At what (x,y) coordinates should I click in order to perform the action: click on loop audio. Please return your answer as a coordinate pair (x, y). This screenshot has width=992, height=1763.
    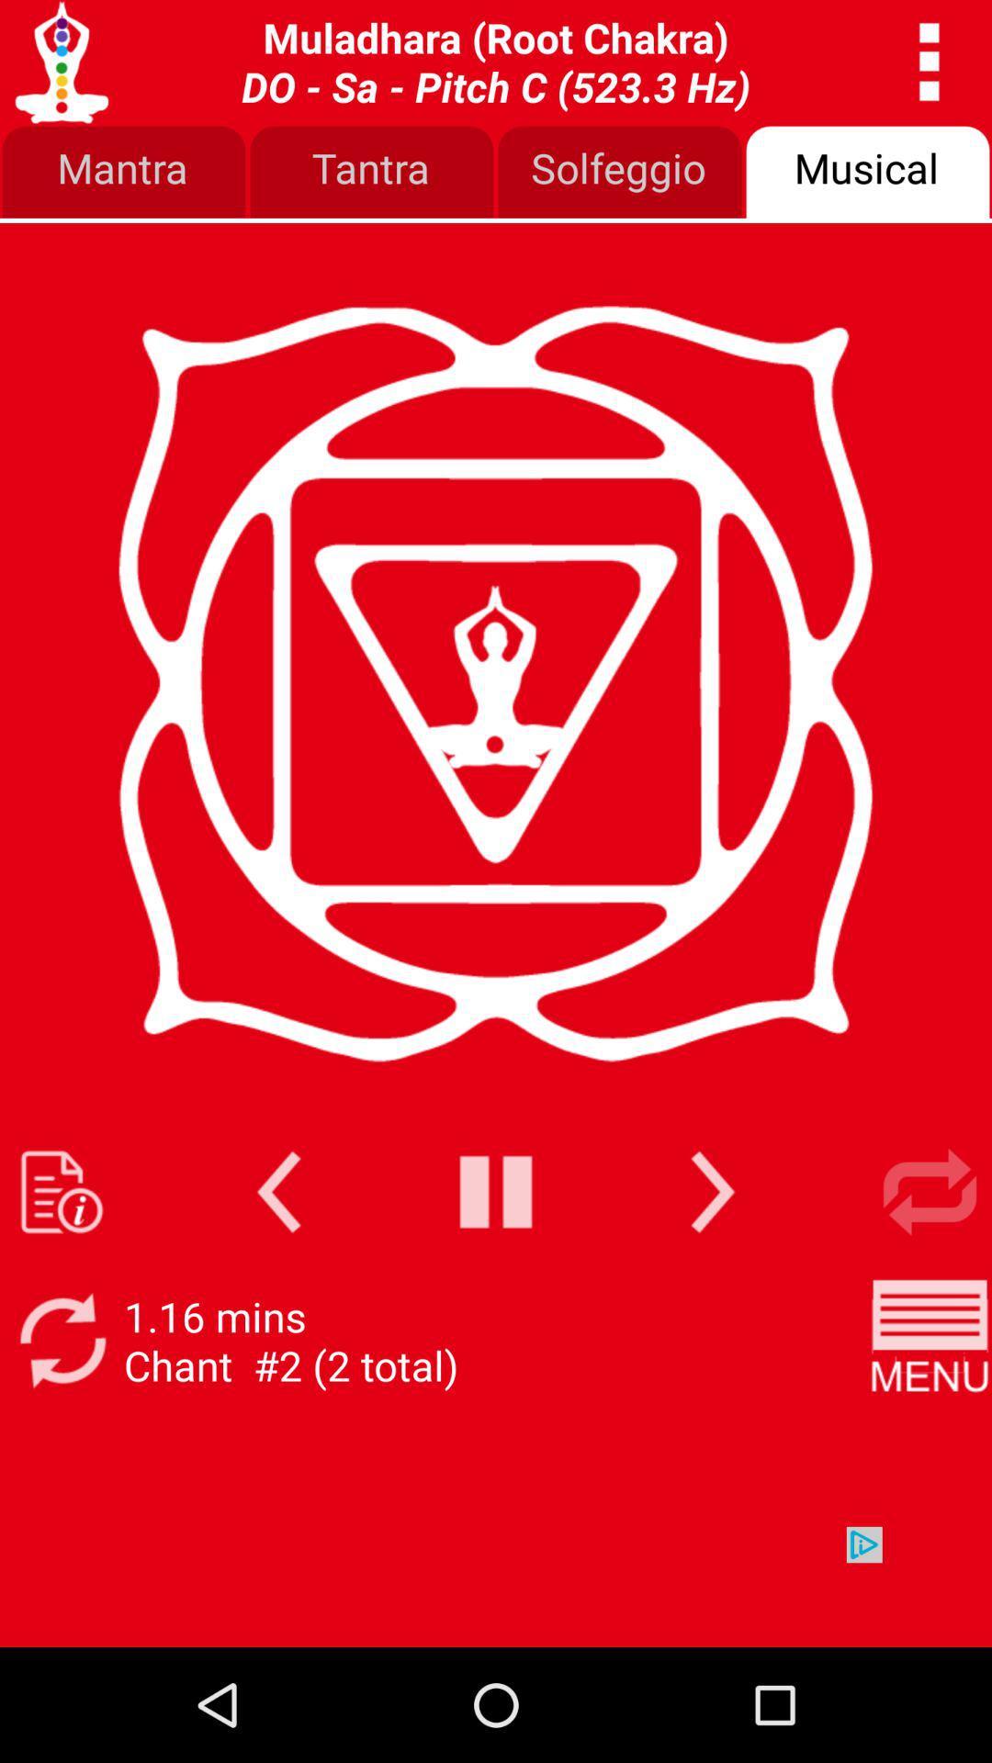
    Looking at the image, I should click on (930, 1192).